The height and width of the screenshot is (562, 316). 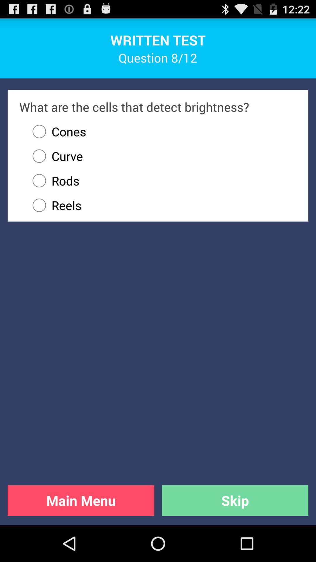 What do you see at coordinates (235, 500) in the screenshot?
I see `the skip item` at bounding box center [235, 500].